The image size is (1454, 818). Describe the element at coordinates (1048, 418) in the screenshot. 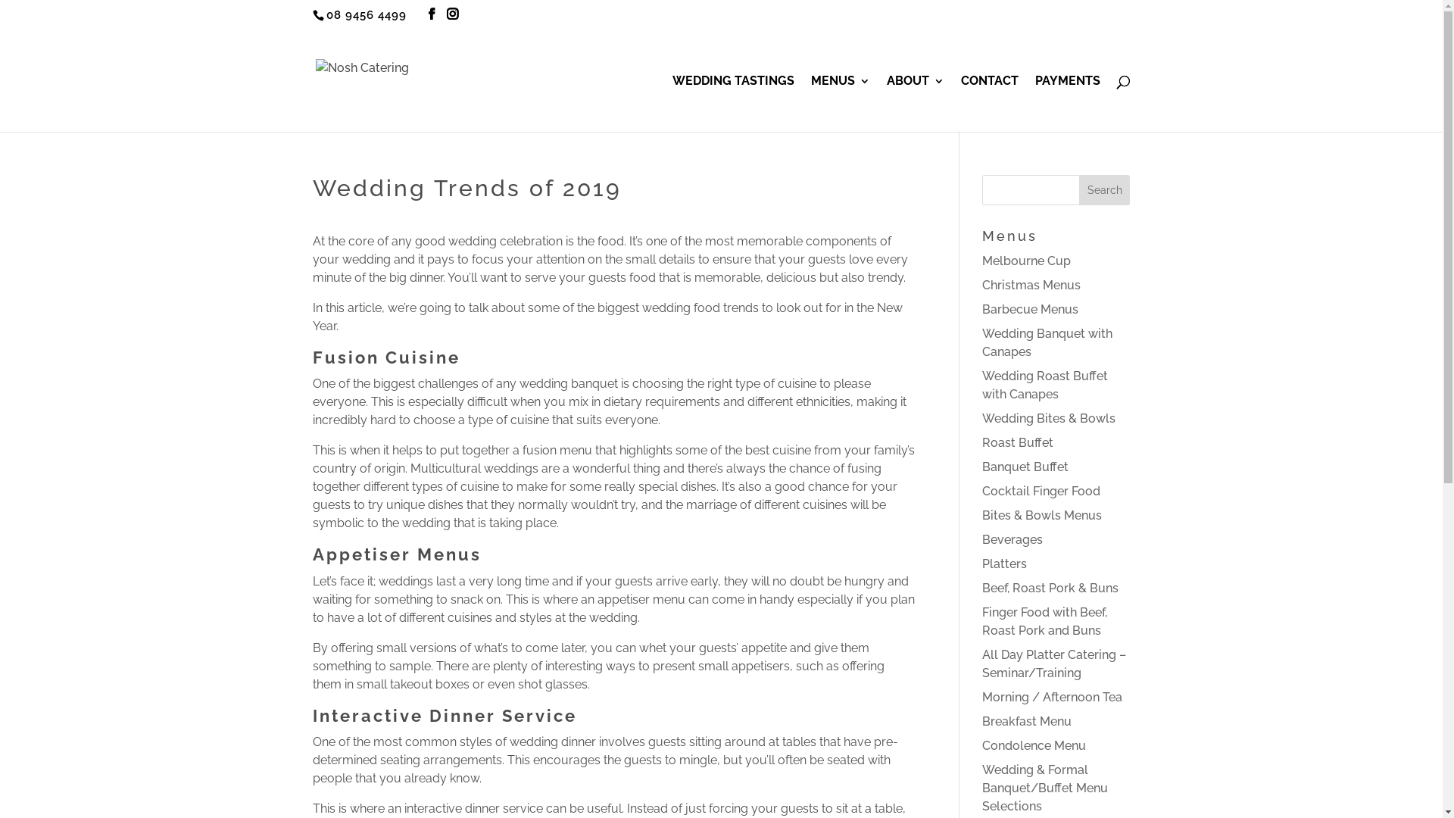

I see `'Wedding Bites & Bowls'` at that location.